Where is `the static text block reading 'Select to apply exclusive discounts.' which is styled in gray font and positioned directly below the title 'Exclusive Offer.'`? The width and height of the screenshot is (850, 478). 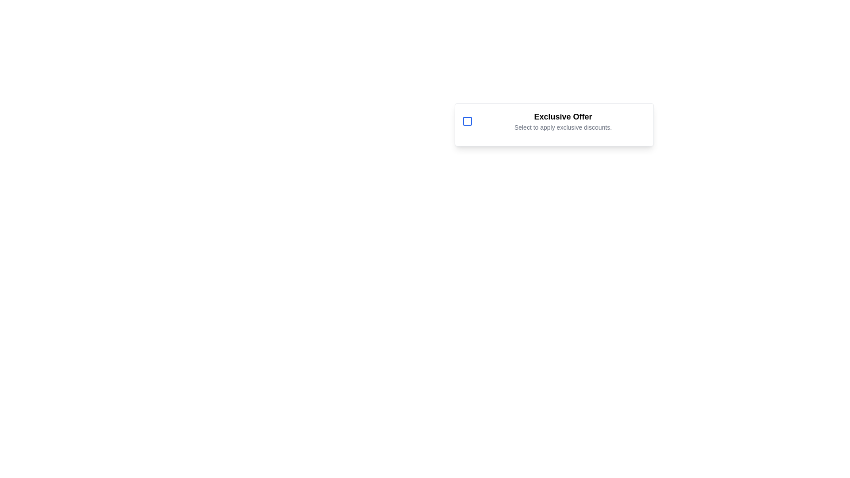
the static text block reading 'Select to apply exclusive discounts.' which is styled in gray font and positioned directly below the title 'Exclusive Offer.' is located at coordinates (563, 127).